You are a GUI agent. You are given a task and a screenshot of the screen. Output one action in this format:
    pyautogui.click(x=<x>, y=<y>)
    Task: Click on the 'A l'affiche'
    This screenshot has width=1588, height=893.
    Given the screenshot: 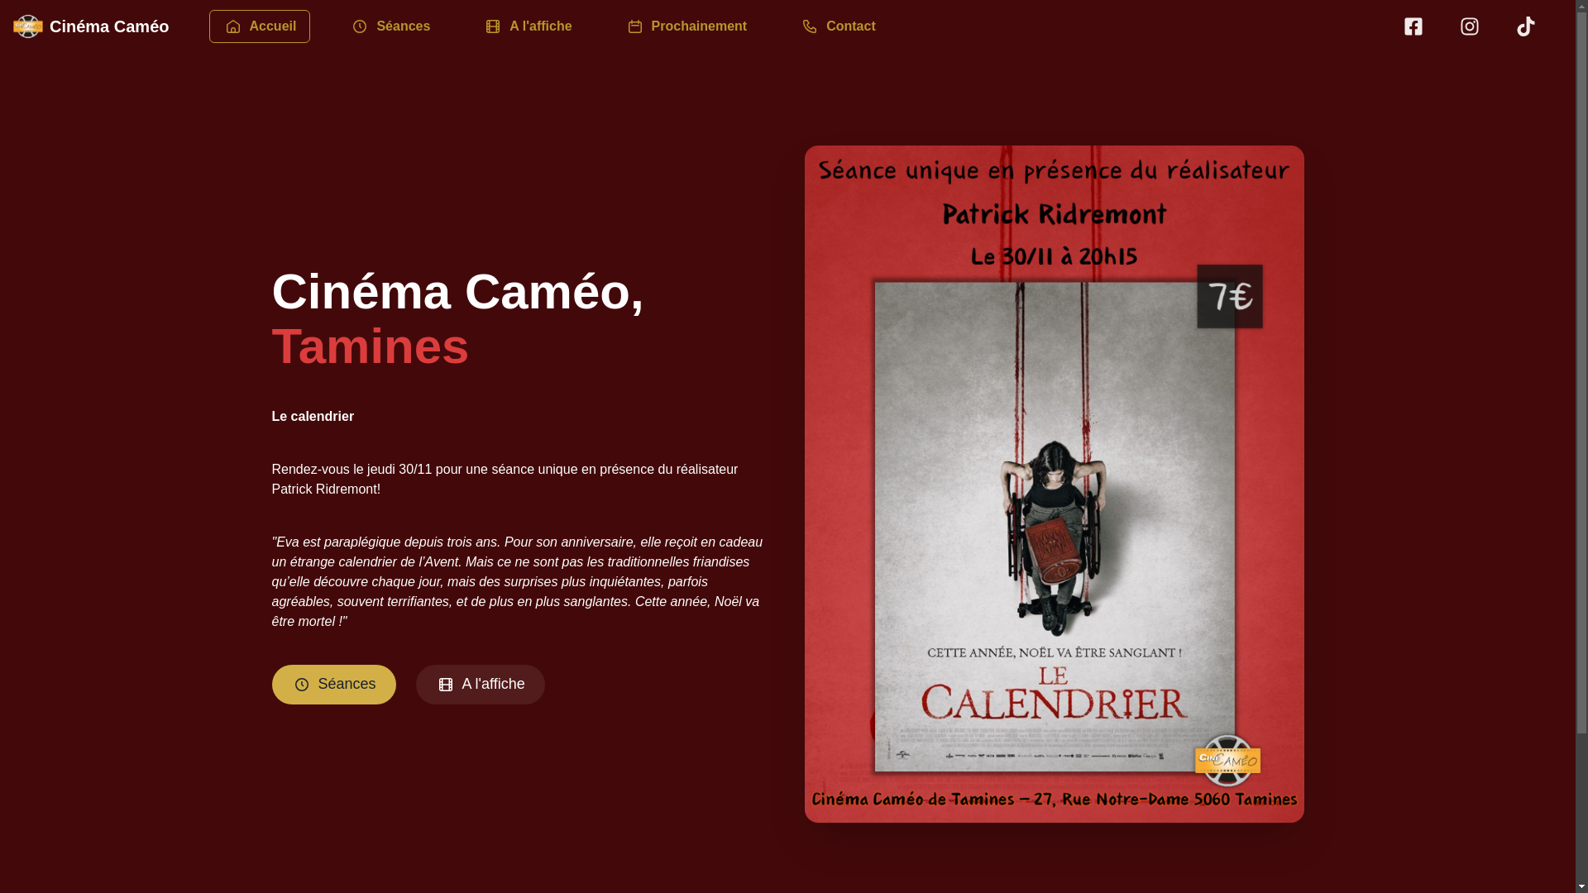 What is the action you would take?
    pyautogui.click(x=468, y=26)
    